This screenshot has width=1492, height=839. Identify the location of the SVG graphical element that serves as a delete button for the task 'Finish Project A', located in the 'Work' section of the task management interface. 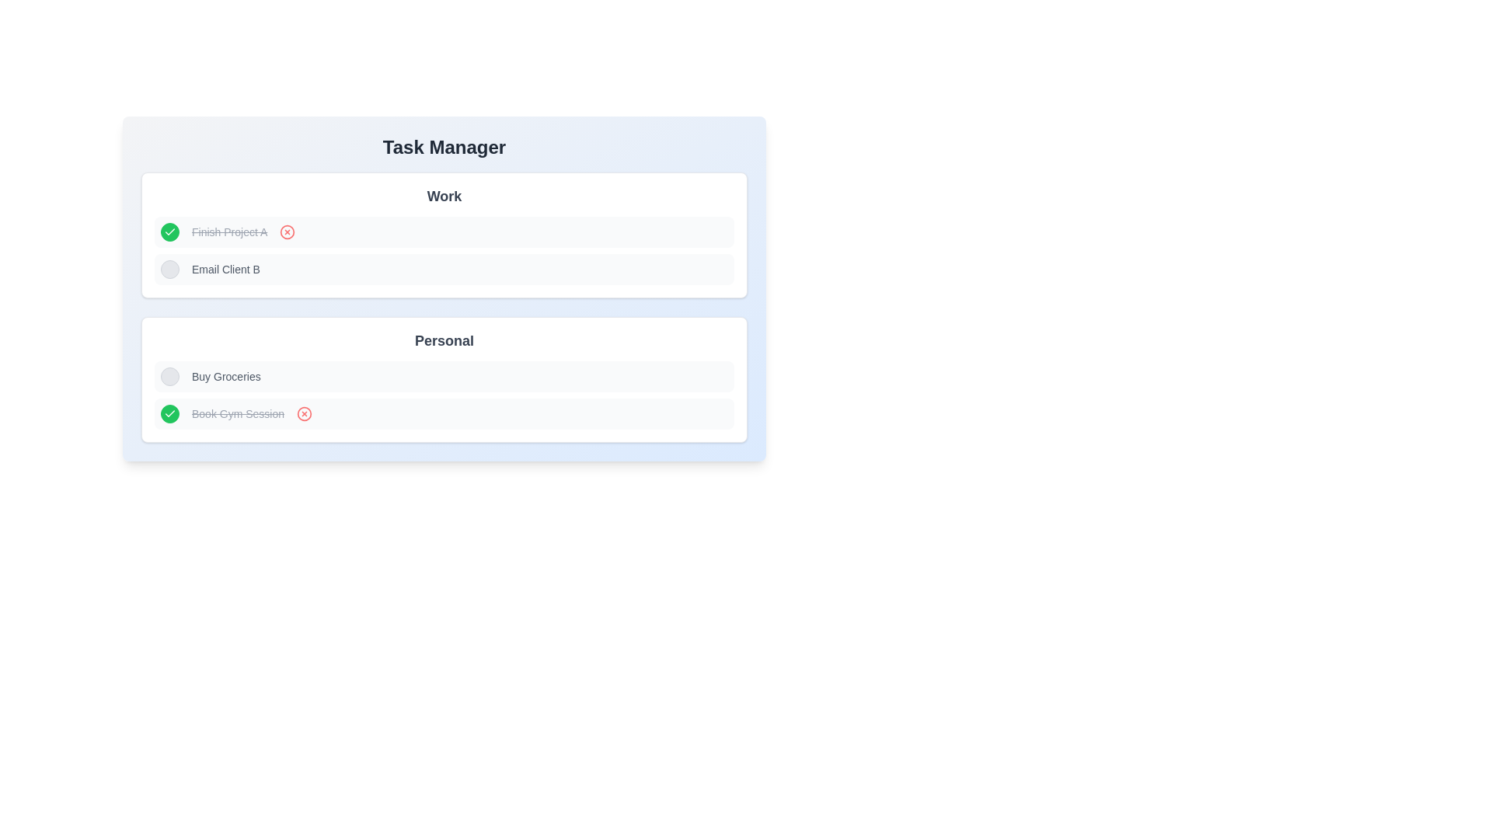
(288, 232).